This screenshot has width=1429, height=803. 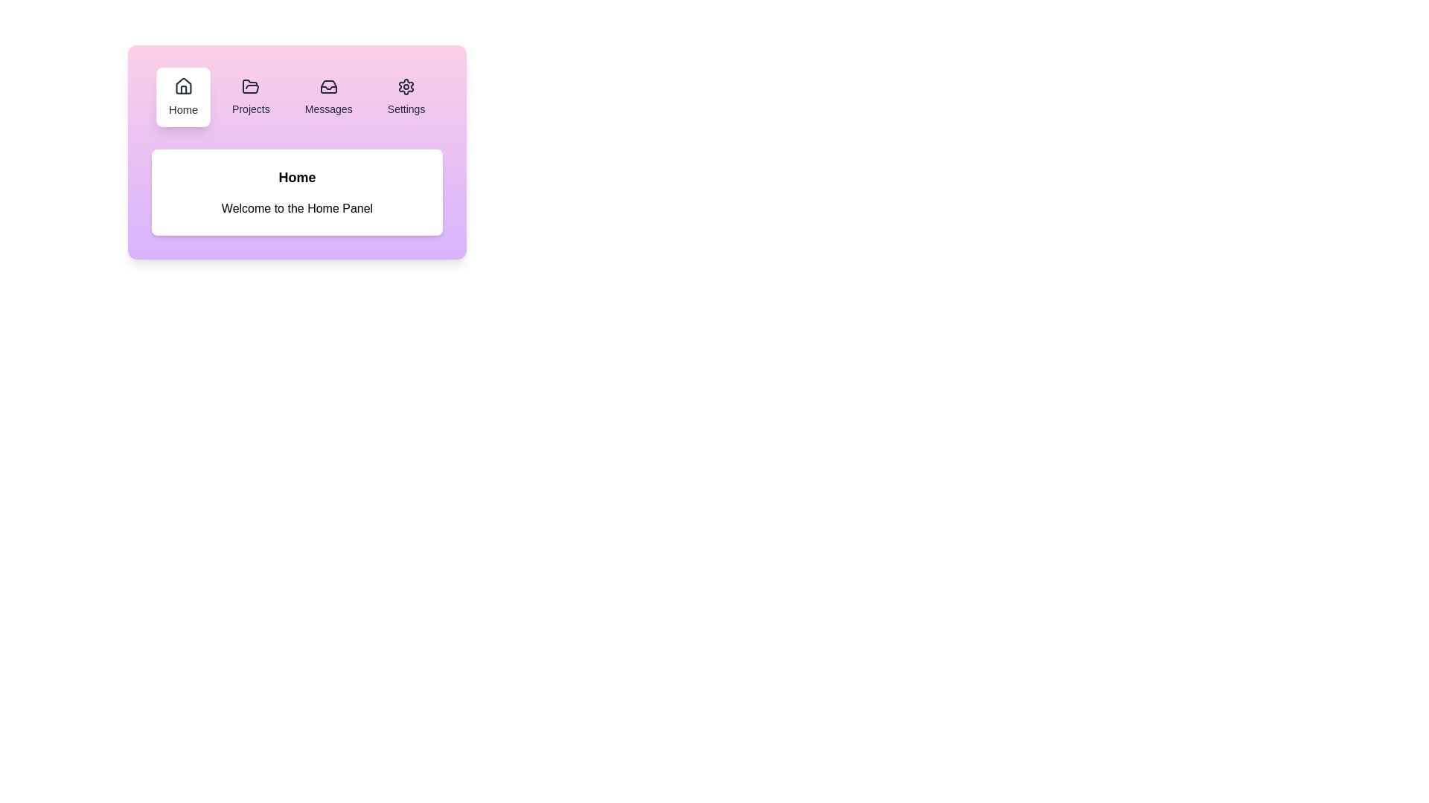 What do you see at coordinates (406, 86) in the screenshot?
I see `the gear icon associated with the 'Settings' functionality in the top-right corner of the interface` at bounding box center [406, 86].